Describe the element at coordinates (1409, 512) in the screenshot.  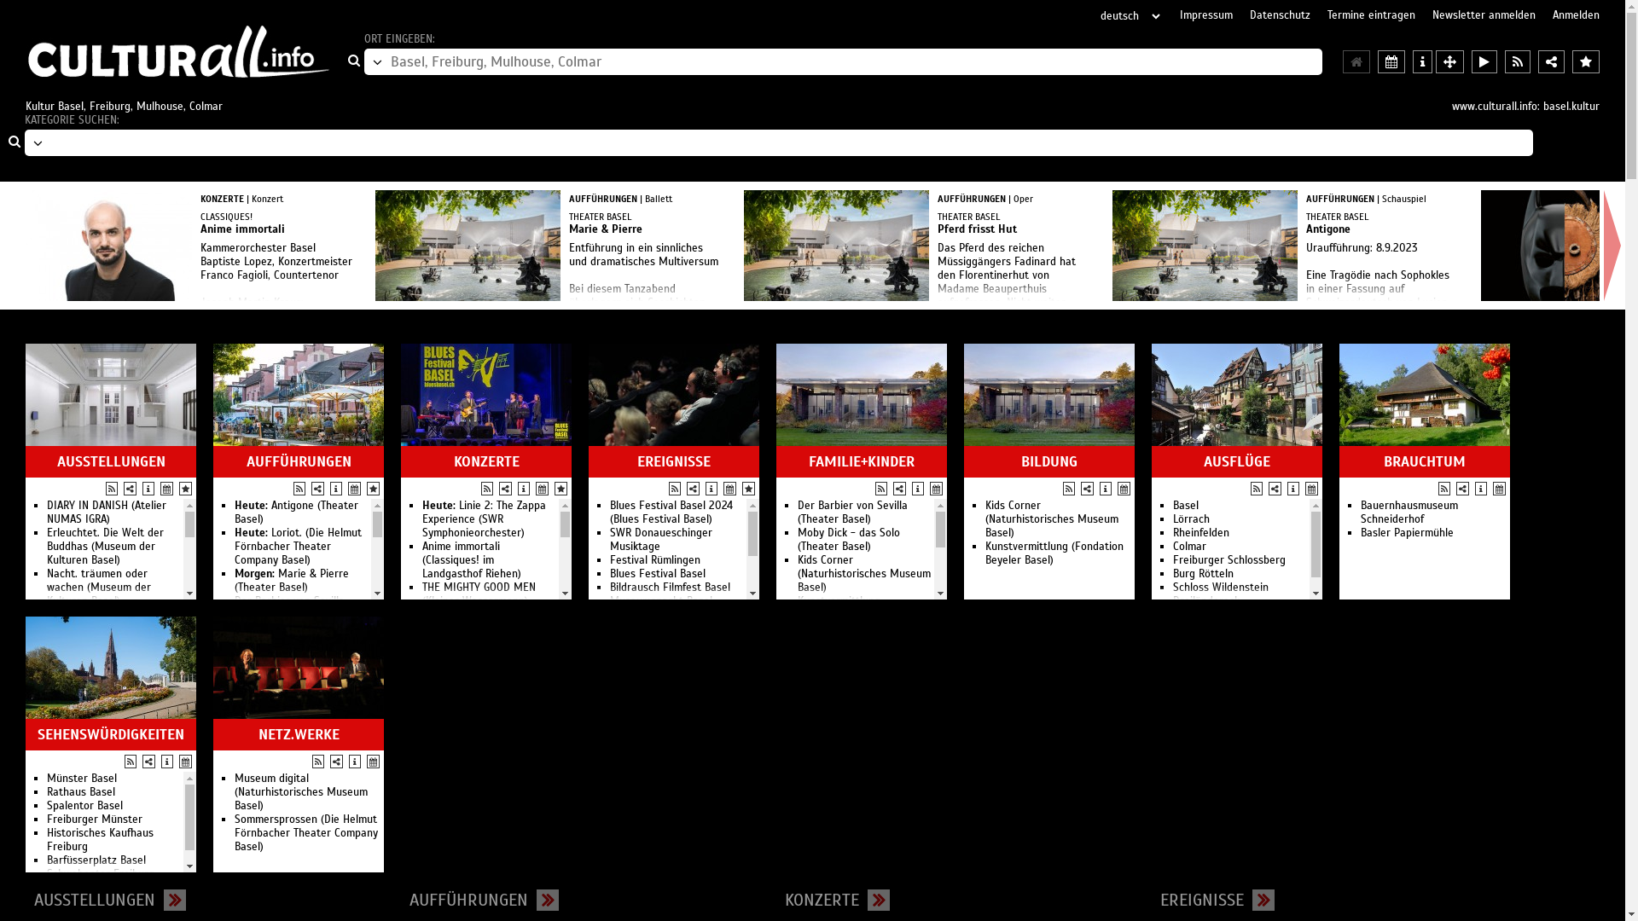
I see `'Bauernhausmuseum Schneiderhof'` at that location.